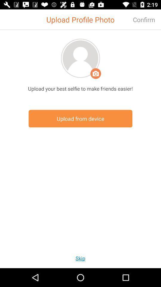 The image size is (161, 287). I want to click on profile picture, so click(80, 58).